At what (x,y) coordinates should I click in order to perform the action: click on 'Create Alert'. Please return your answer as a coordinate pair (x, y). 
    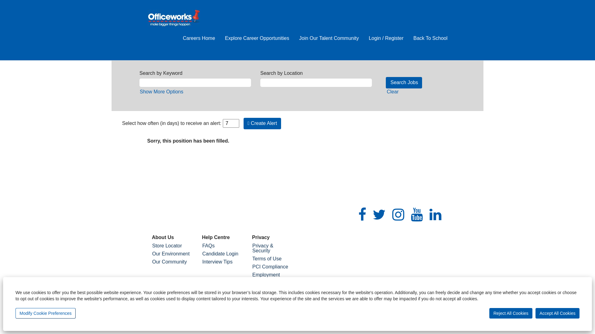
    Looking at the image, I should click on (262, 123).